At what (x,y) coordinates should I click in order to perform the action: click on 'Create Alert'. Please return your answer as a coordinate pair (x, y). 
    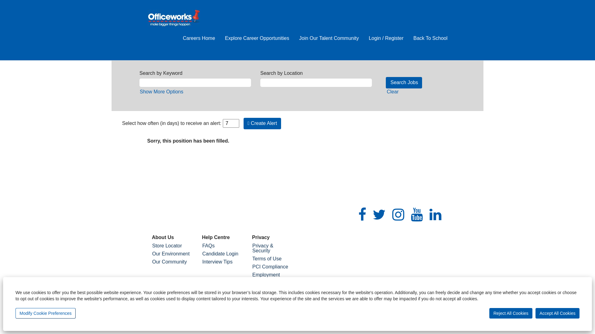
    Looking at the image, I should click on (262, 123).